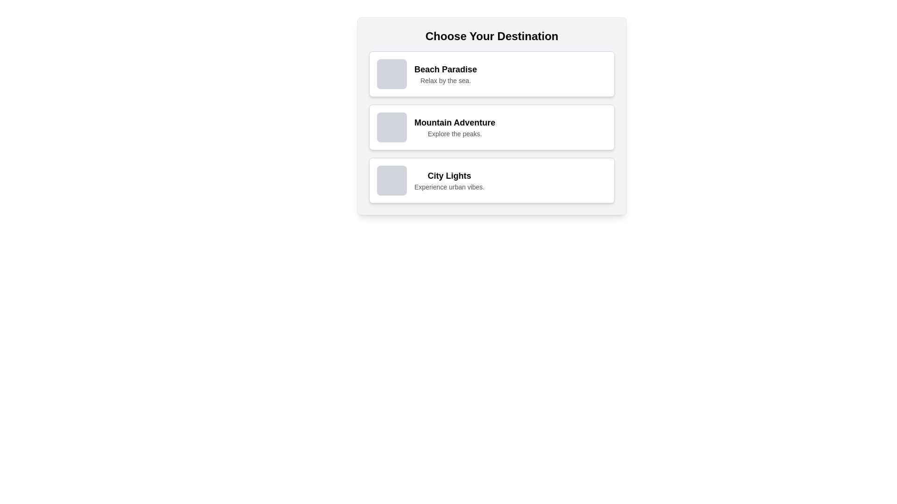  Describe the element at coordinates (445, 80) in the screenshot. I see `the text label reading 'Relax by the sea.' which is styled in a smaller gray font and positioned directly beneath the bold title 'Beach Paradise' in the vertical list menu` at that location.